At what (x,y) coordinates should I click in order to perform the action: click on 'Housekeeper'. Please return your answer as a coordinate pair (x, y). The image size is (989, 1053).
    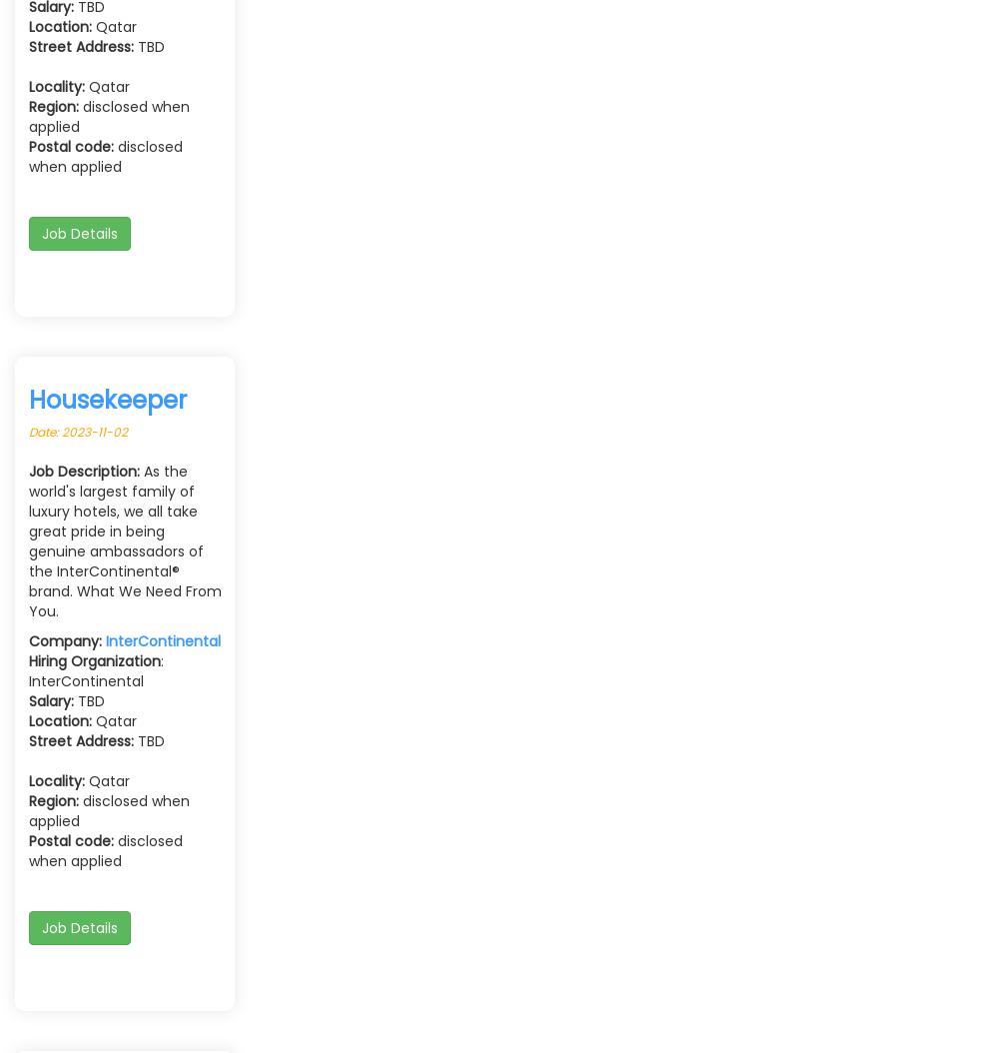
    Looking at the image, I should click on (107, 399).